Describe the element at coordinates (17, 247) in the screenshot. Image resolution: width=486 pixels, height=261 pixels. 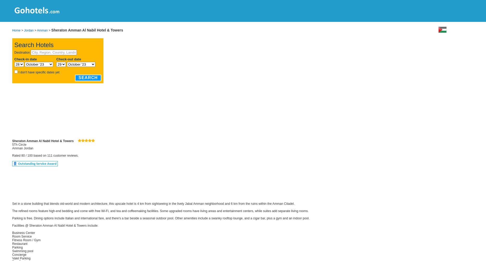
I see `'Parking'` at that location.